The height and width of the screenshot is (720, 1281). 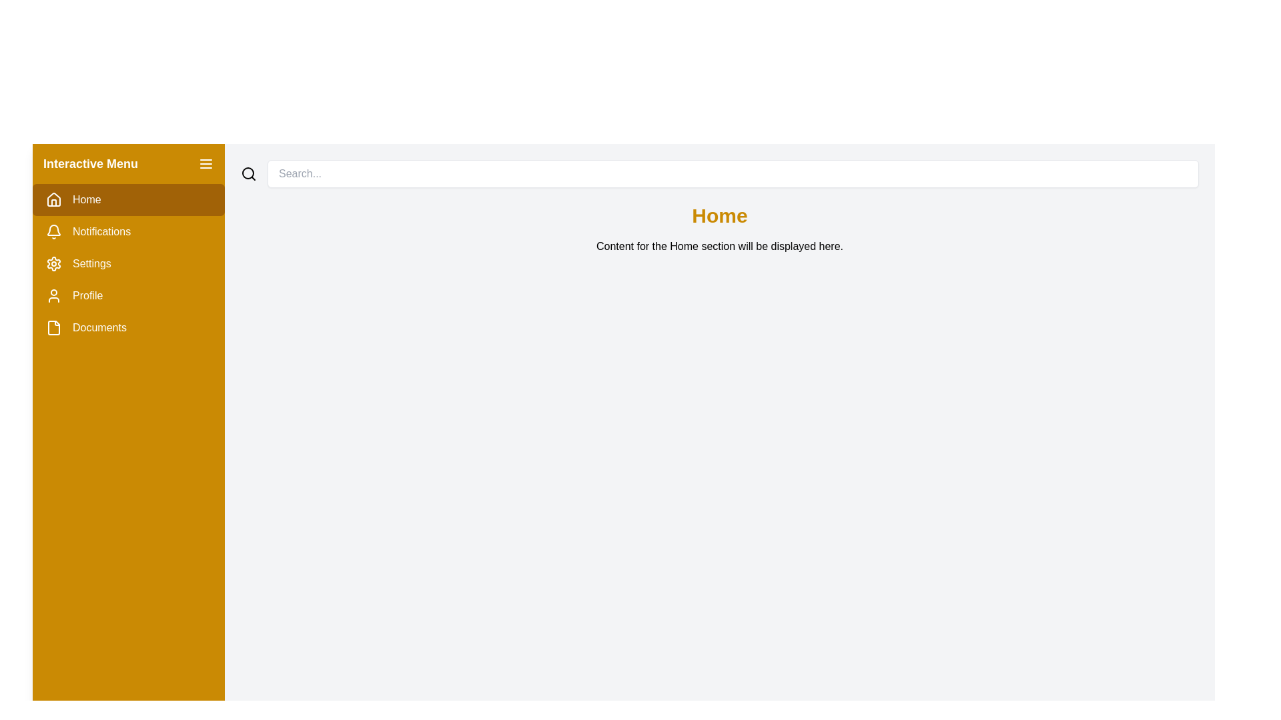 I want to click on the 'Settings' text label in the vertical navigation menu, so click(x=91, y=264).